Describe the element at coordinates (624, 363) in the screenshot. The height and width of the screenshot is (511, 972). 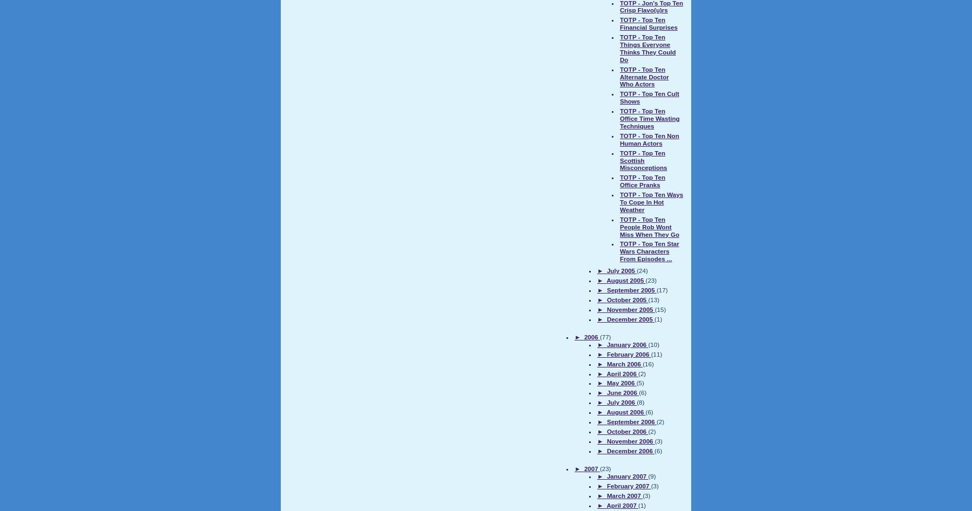
I see `'March 2006'` at that location.